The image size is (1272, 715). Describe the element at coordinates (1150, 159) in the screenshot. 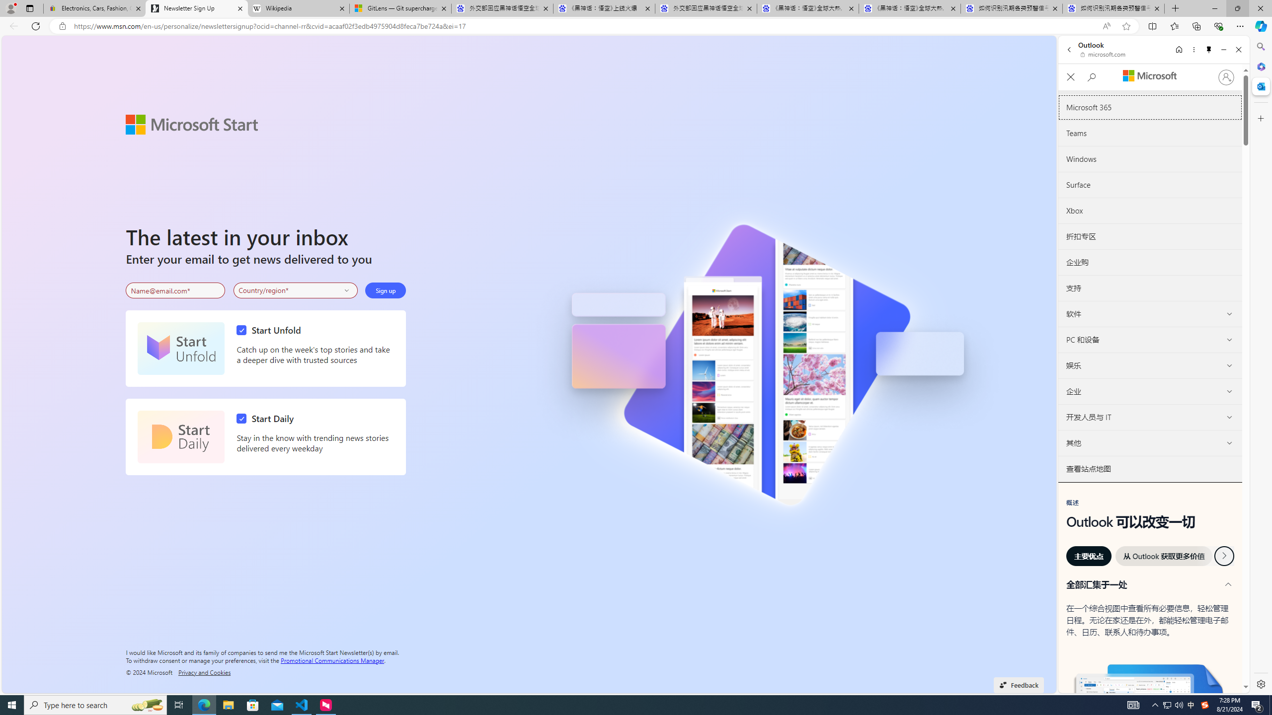

I see `'Windows'` at that location.